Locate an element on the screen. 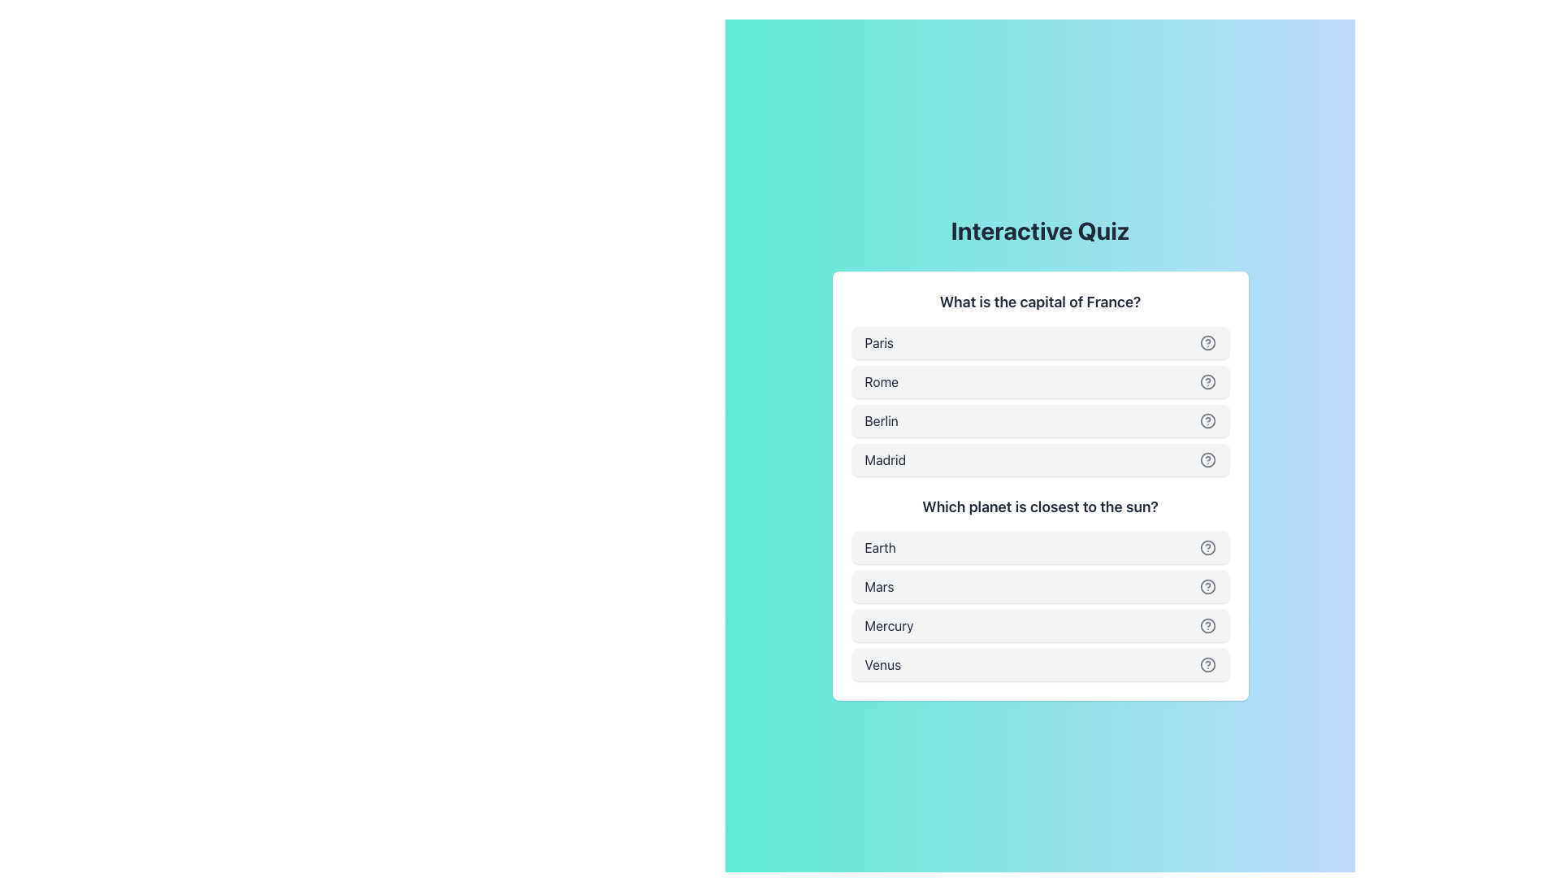 This screenshot has width=1560, height=878. the information button, represented as a circular help icon with a question mark, located to the right of the 'Mars' option in the multiple-choice question interface is located at coordinates (1207, 586).